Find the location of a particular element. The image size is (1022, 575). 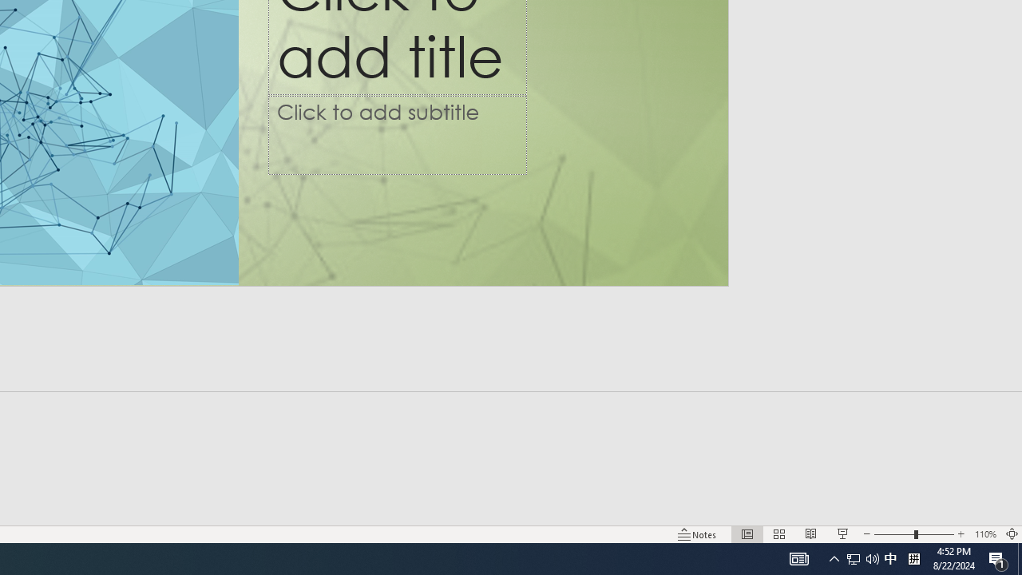

'Zoom 110%' is located at coordinates (984, 534).